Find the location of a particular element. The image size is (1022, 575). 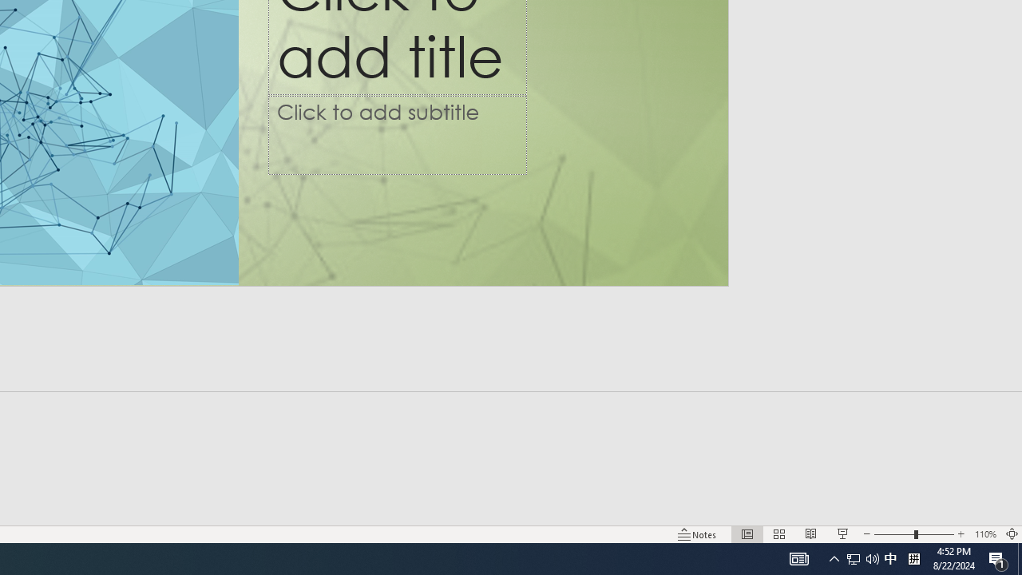

'Zoom 110%' is located at coordinates (984, 534).